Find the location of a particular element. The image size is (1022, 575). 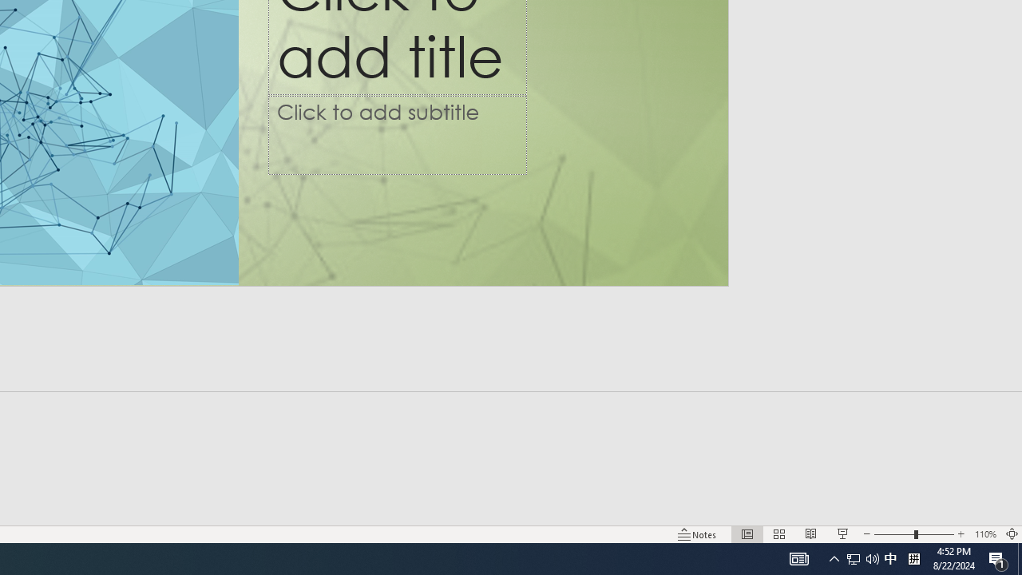

'Zoom 110%' is located at coordinates (984, 534).